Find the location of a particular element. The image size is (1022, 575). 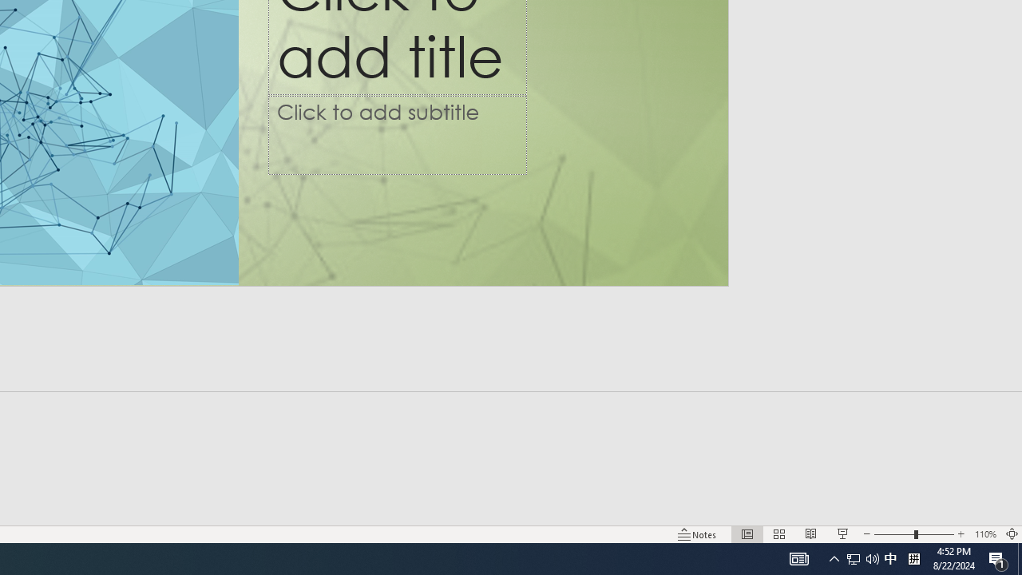

'Zoom 110%' is located at coordinates (984, 534).